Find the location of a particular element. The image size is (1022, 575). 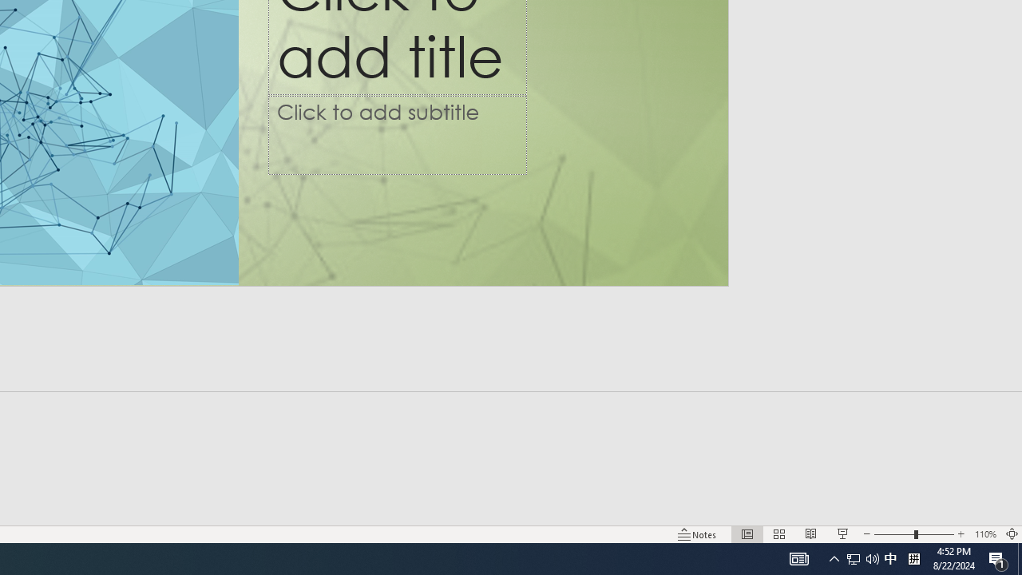

'Zoom 110%' is located at coordinates (984, 534).